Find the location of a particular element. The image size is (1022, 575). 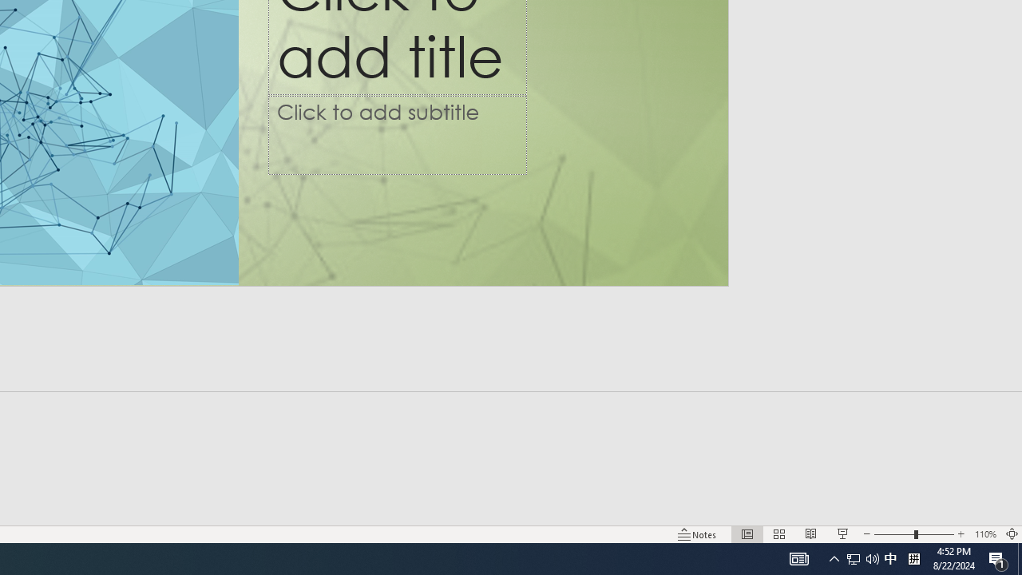

'Zoom 110%' is located at coordinates (984, 534).